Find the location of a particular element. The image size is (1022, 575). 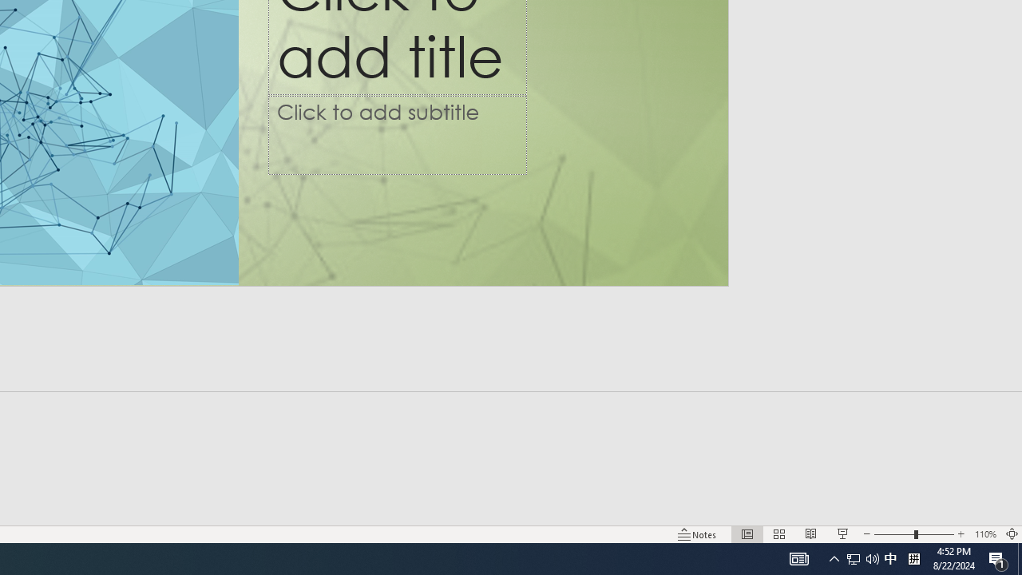

'Zoom 110%' is located at coordinates (984, 534).